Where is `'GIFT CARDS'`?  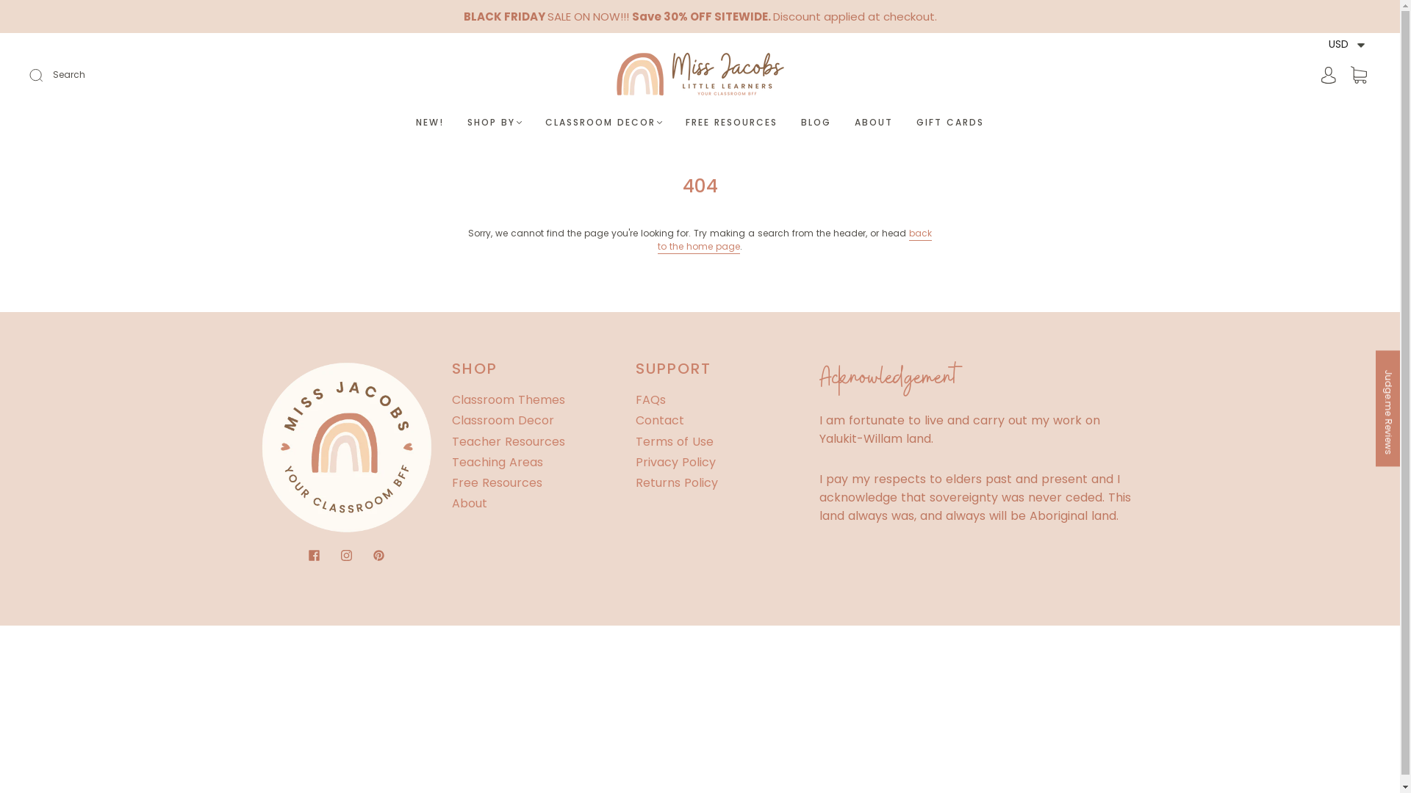 'GIFT CARDS' is located at coordinates (949, 121).